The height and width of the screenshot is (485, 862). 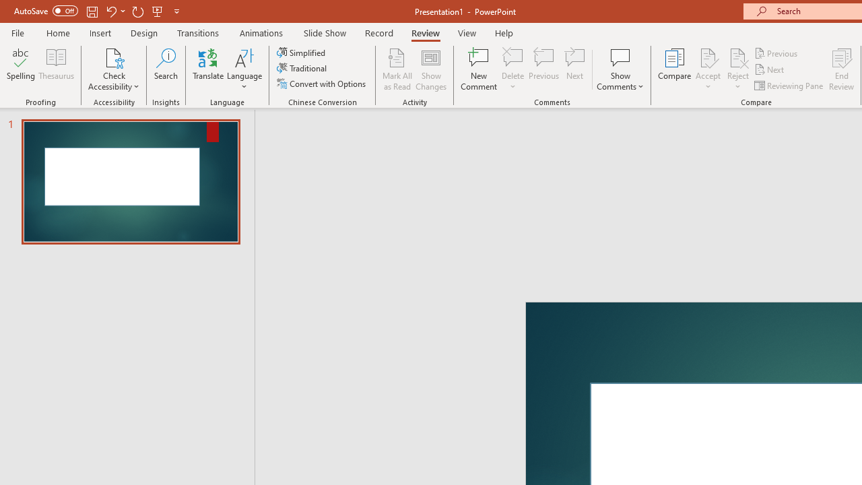 What do you see at coordinates (707, 57) in the screenshot?
I see `'Accept Change'` at bounding box center [707, 57].